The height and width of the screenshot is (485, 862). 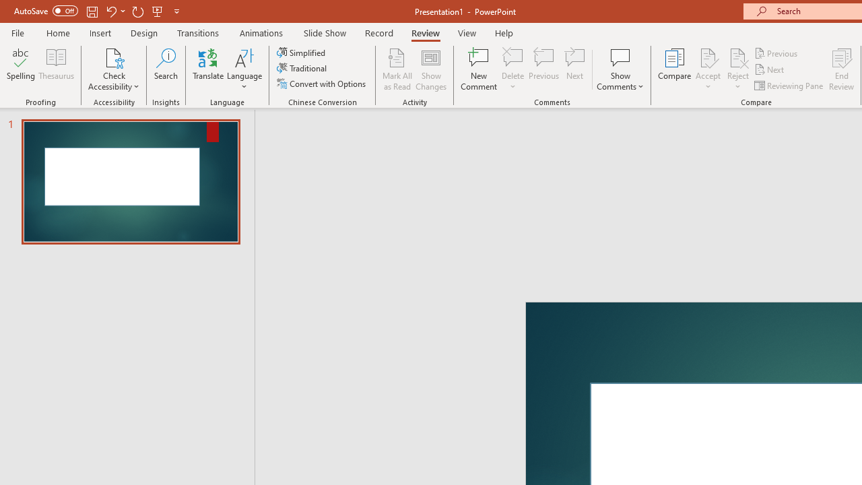 What do you see at coordinates (707, 57) in the screenshot?
I see `'Accept Change'` at bounding box center [707, 57].